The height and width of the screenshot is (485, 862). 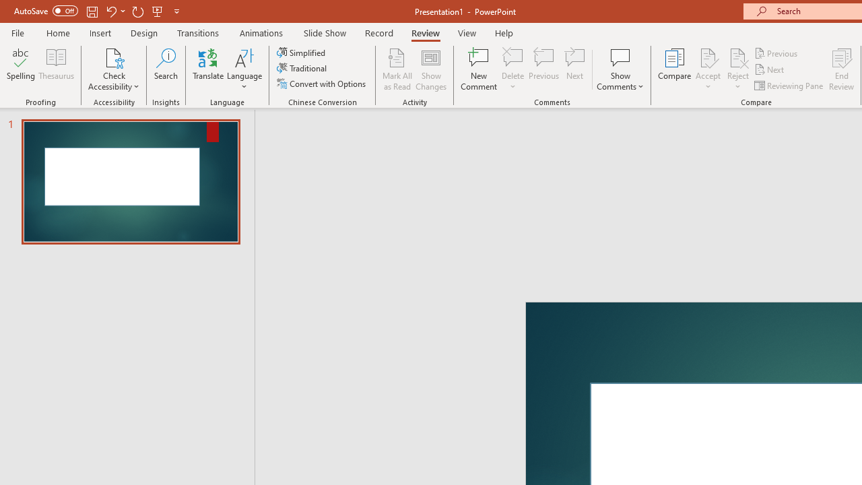 What do you see at coordinates (707, 57) in the screenshot?
I see `'Accept Change'` at bounding box center [707, 57].